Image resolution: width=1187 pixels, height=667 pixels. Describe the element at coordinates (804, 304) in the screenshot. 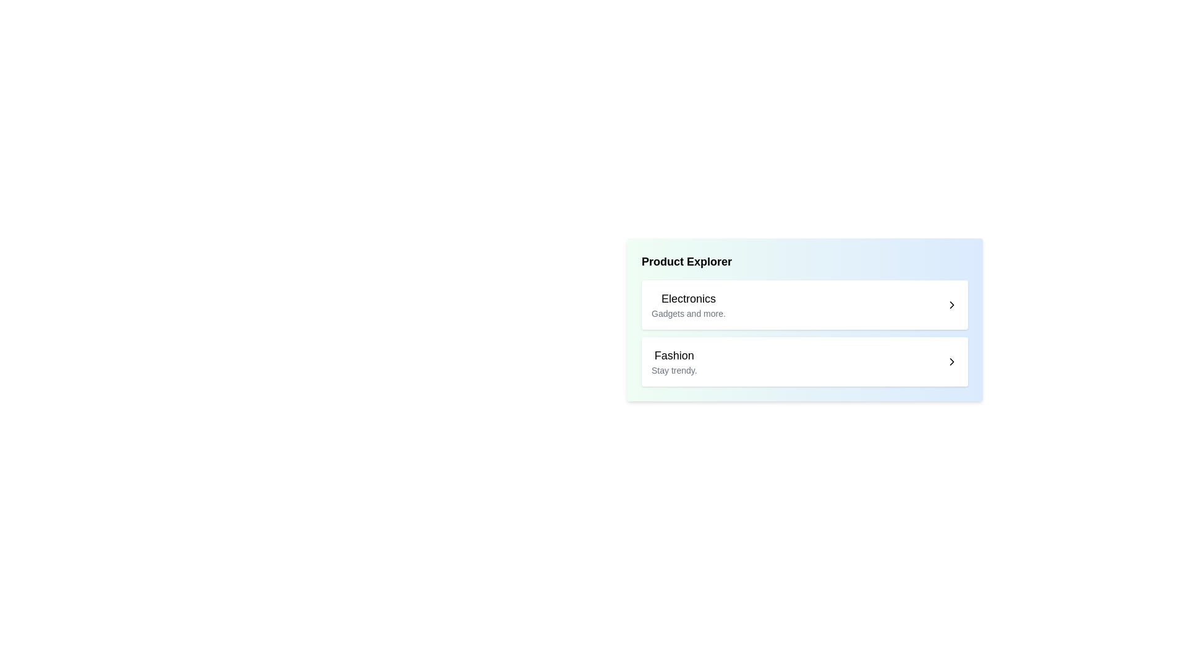

I see `the first list item labeled 'Electronics'` at that location.